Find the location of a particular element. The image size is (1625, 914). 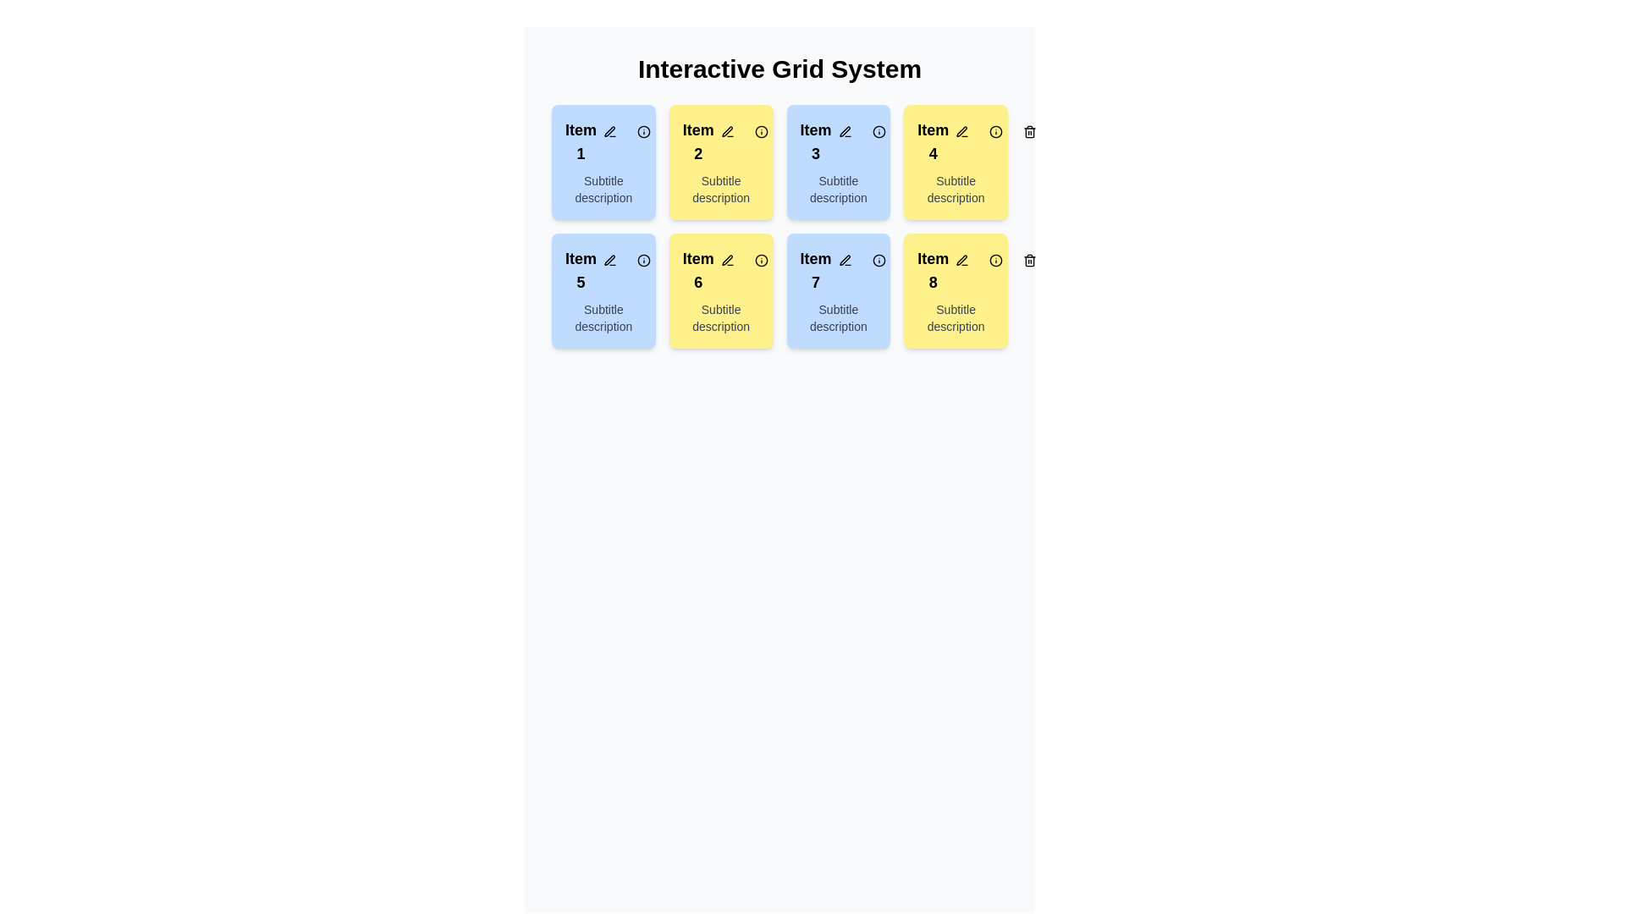

the first button in the row of interactive buttons for editing the third item in the grid layout, located at the top-right corner of the blue box labeled 'Item 3' is located at coordinates (845, 130).